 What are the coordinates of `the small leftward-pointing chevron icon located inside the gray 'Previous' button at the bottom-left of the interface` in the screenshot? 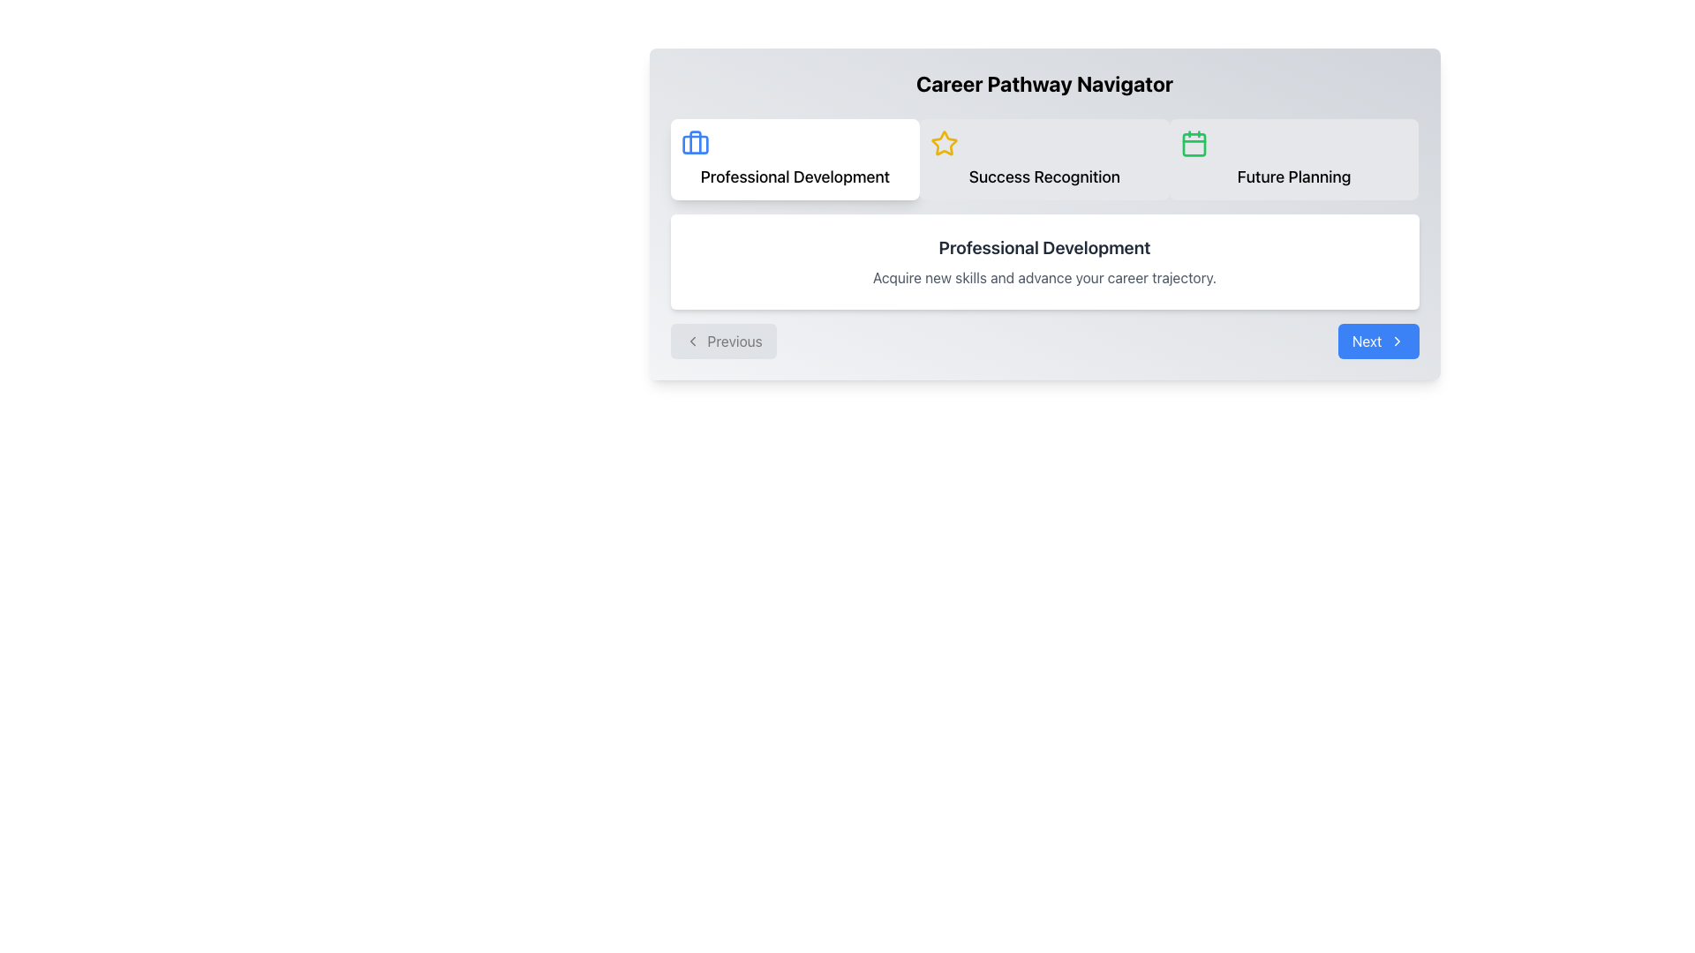 It's located at (691, 341).